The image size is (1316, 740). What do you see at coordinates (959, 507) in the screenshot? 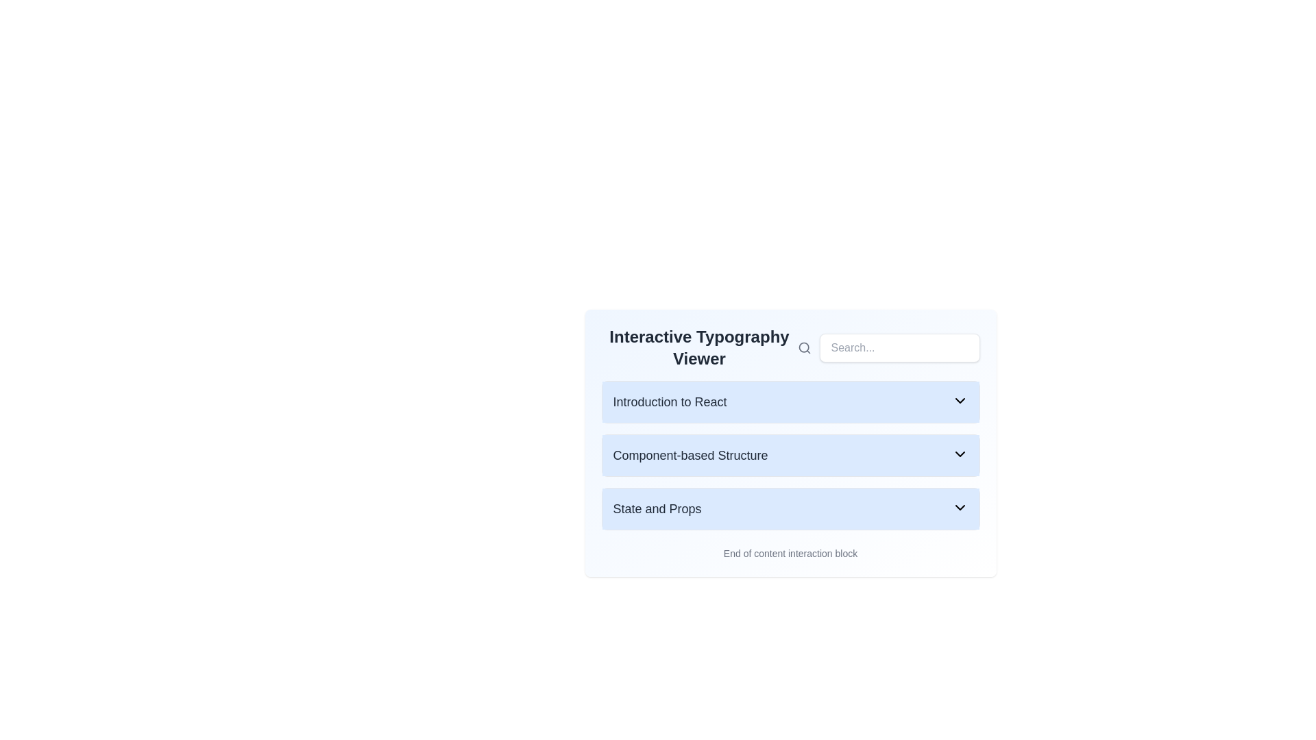
I see `the downward-pointing chevron icon located at the far-right end of the blue rectangular section labeled 'State and Props' for potential visual feedback` at bounding box center [959, 507].